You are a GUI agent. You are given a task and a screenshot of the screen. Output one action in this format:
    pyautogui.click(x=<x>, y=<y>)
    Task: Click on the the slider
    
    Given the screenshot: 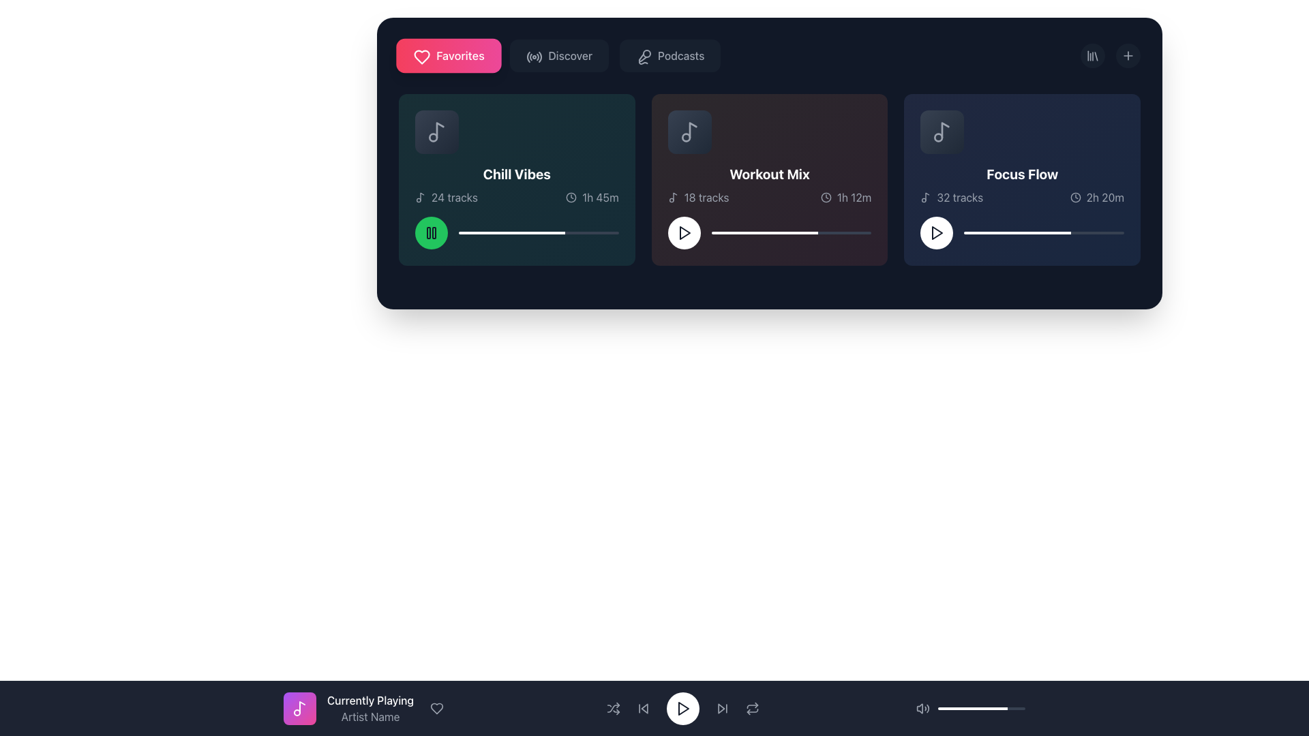 What is the action you would take?
    pyautogui.click(x=717, y=232)
    